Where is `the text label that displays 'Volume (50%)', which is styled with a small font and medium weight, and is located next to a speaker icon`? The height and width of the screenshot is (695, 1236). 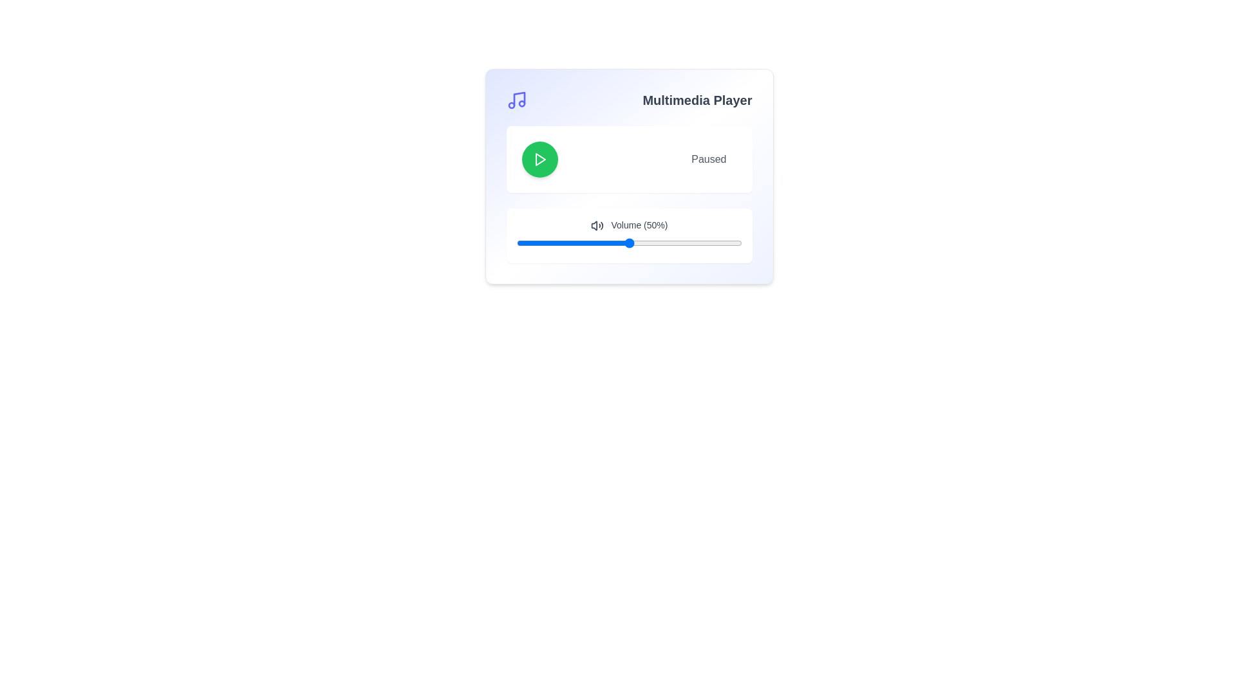
the text label that displays 'Volume (50%)', which is styled with a small font and medium weight, and is located next to a speaker icon is located at coordinates (629, 225).